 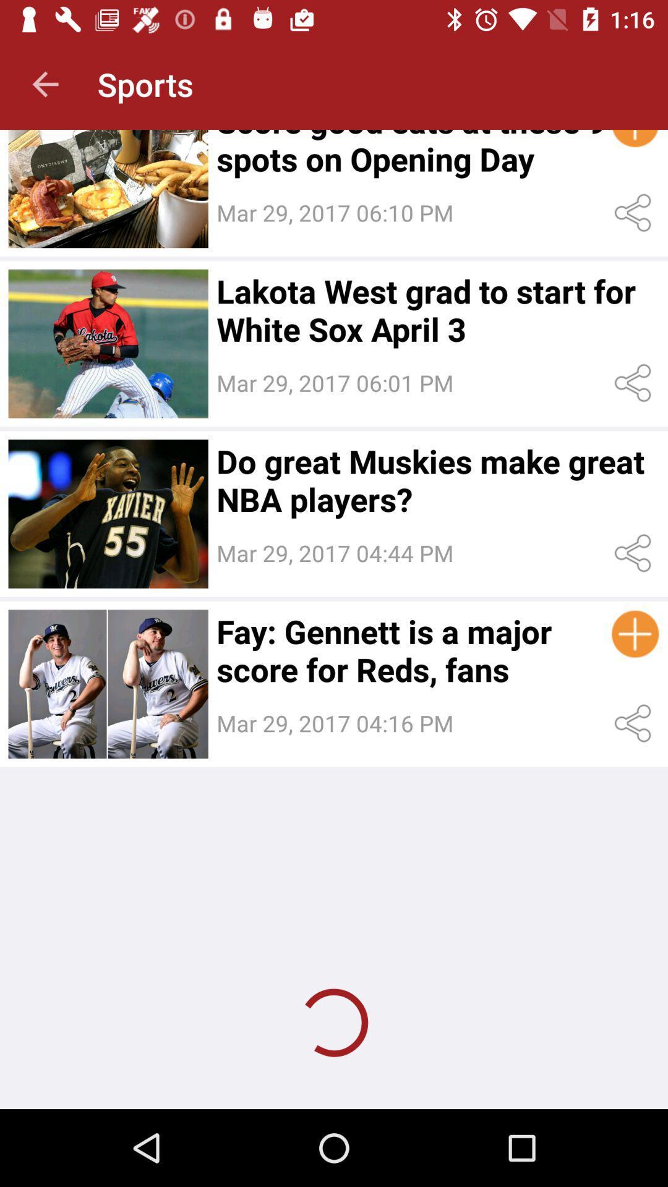 I want to click on photos of gennett, so click(x=108, y=683).